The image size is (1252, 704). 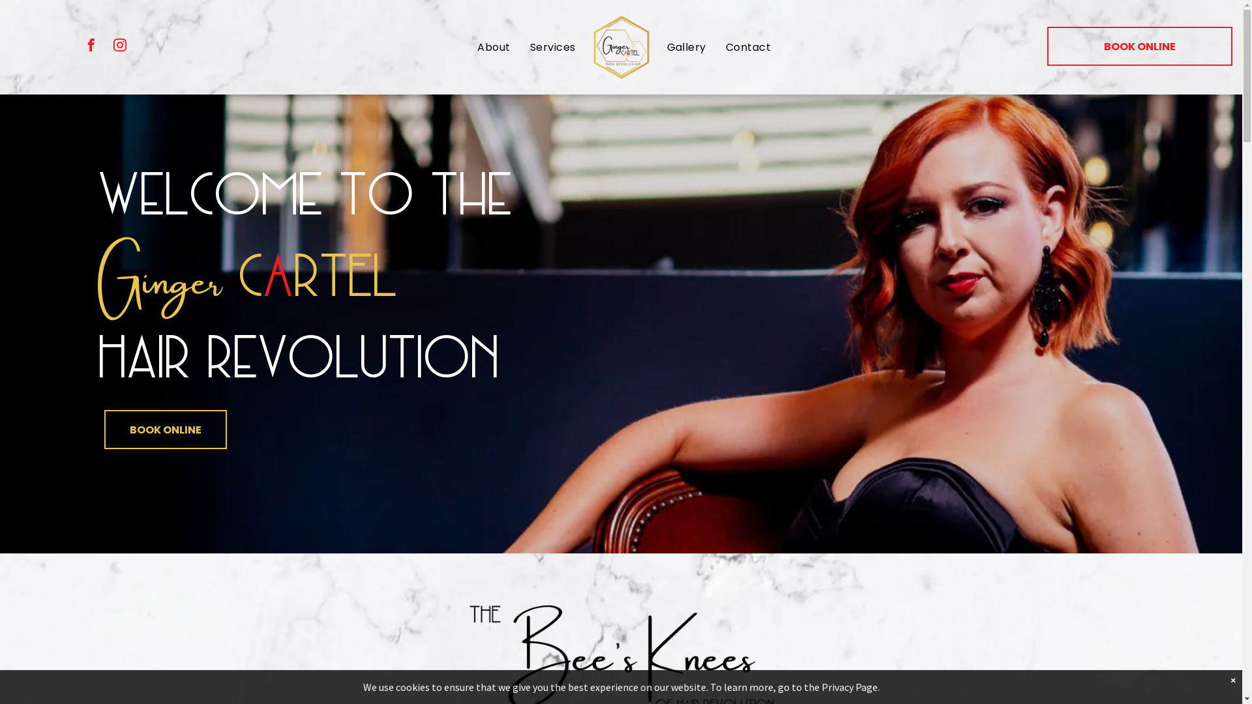 What do you see at coordinates (493, 46) in the screenshot?
I see `'About'` at bounding box center [493, 46].